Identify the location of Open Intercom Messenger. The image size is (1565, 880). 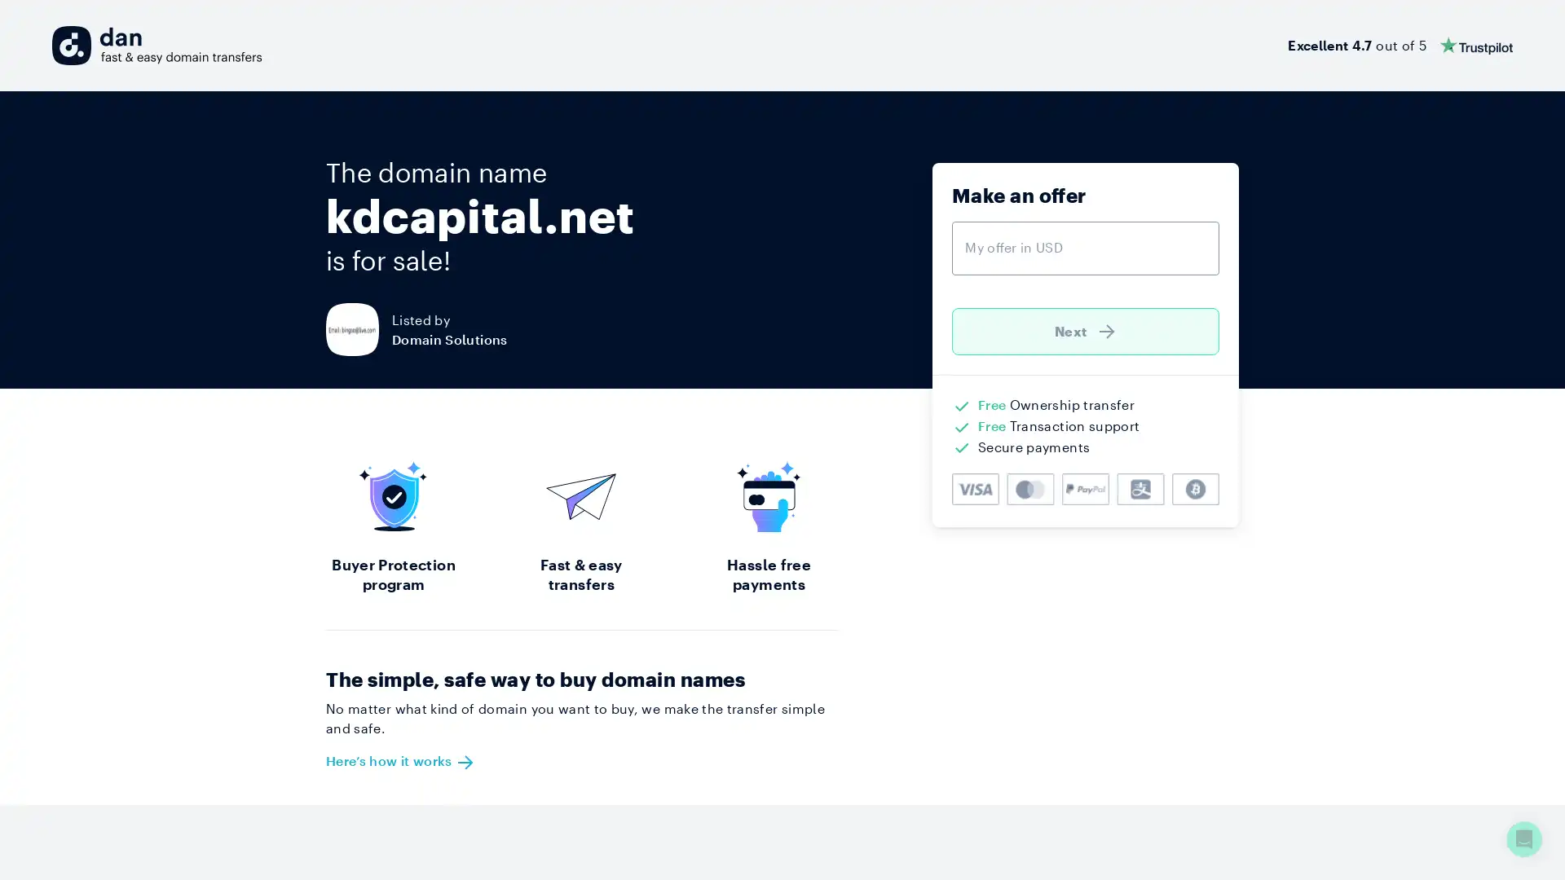
(1523, 838).